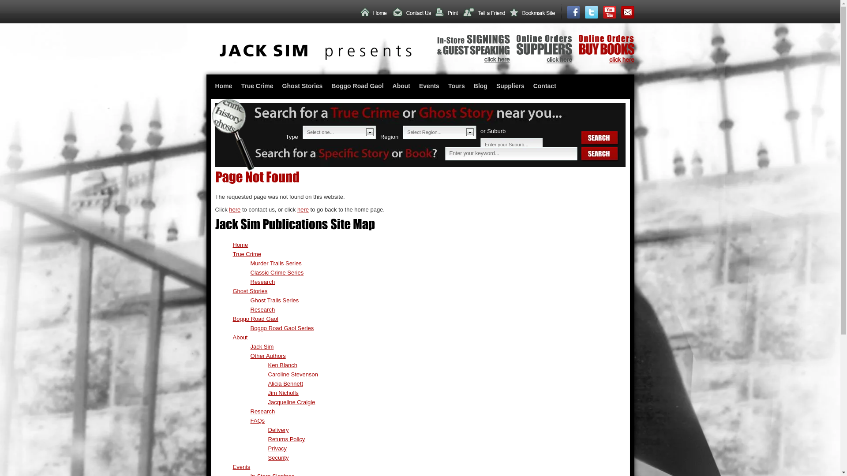  I want to click on 'Home', so click(224, 86).